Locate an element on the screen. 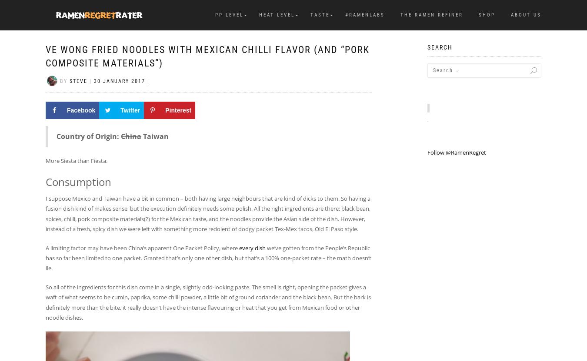 Image resolution: width=587 pixels, height=361 pixels. 'Consumption' is located at coordinates (78, 181).